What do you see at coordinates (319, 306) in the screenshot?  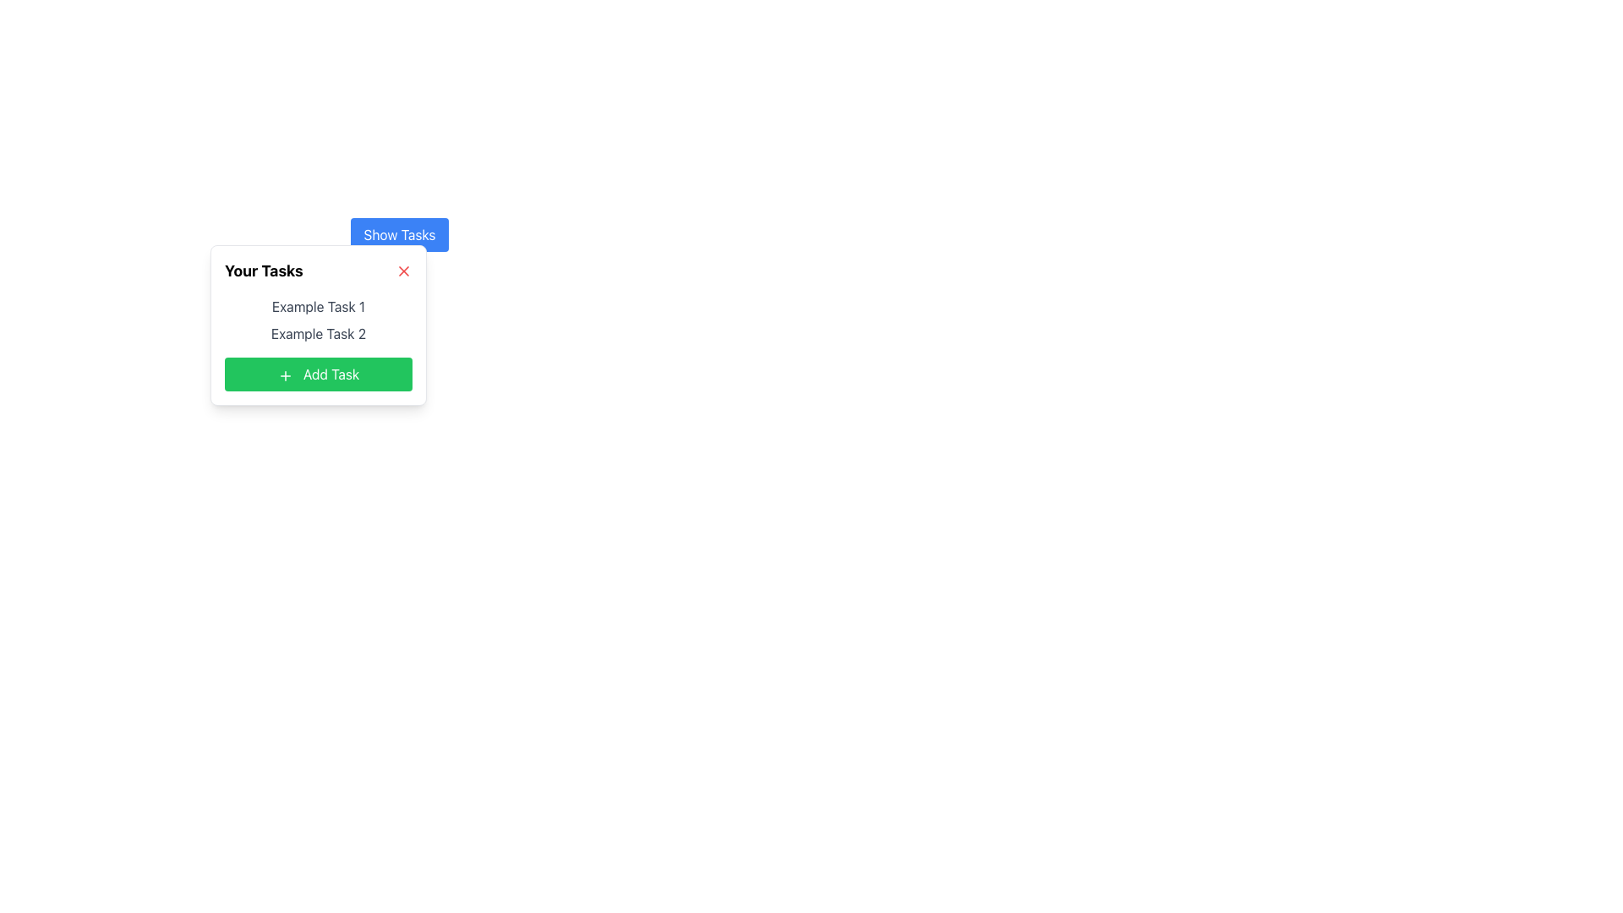 I see `the text label that represents the task name, positioned as the first item in the task list under the 'Your Tasks' header` at bounding box center [319, 306].